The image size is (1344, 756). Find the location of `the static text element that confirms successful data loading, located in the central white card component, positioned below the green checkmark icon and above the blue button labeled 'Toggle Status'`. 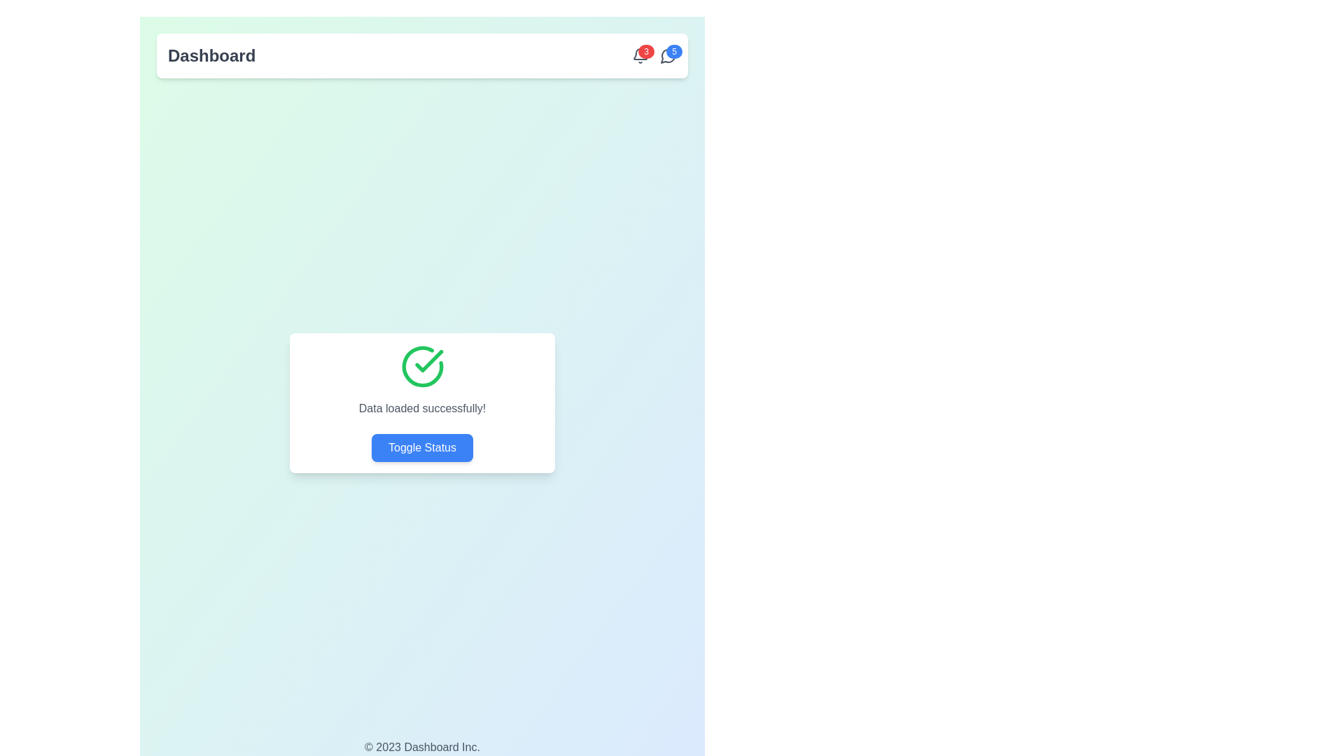

the static text element that confirms successful data loading, located in the central white card component, positioned below the green checkmark icon and above the blue button labeled 'Toggle Status' is located at coordinates (421, 408).